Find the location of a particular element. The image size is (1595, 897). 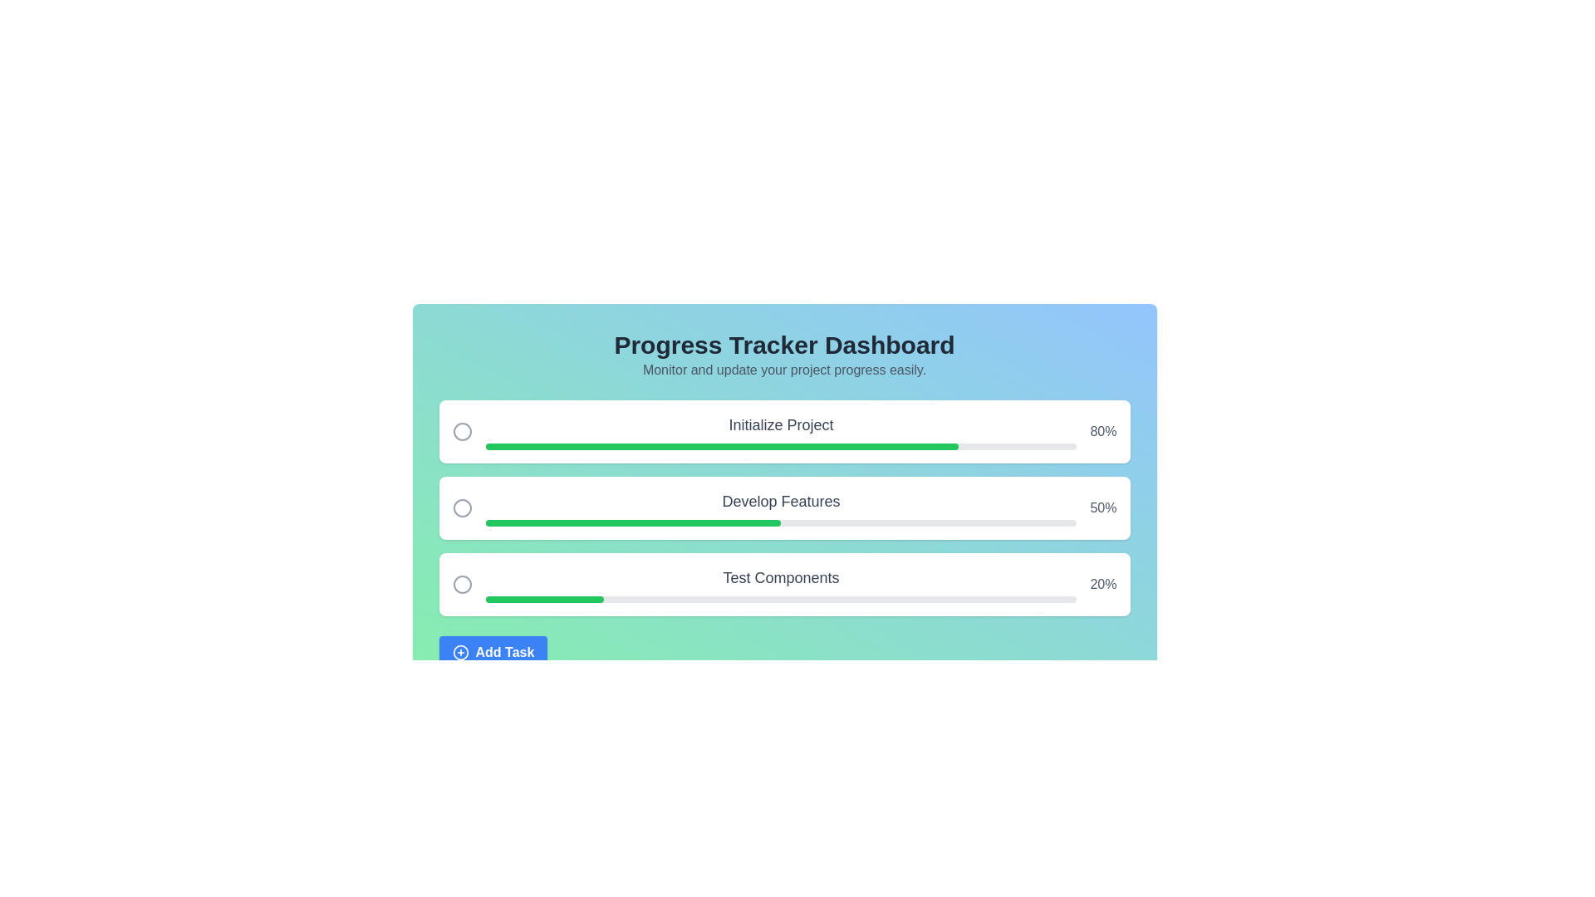

the circular status indicator located to the left of the 'Initialize Project' label in the progress section is located at coordinates (462, 431).